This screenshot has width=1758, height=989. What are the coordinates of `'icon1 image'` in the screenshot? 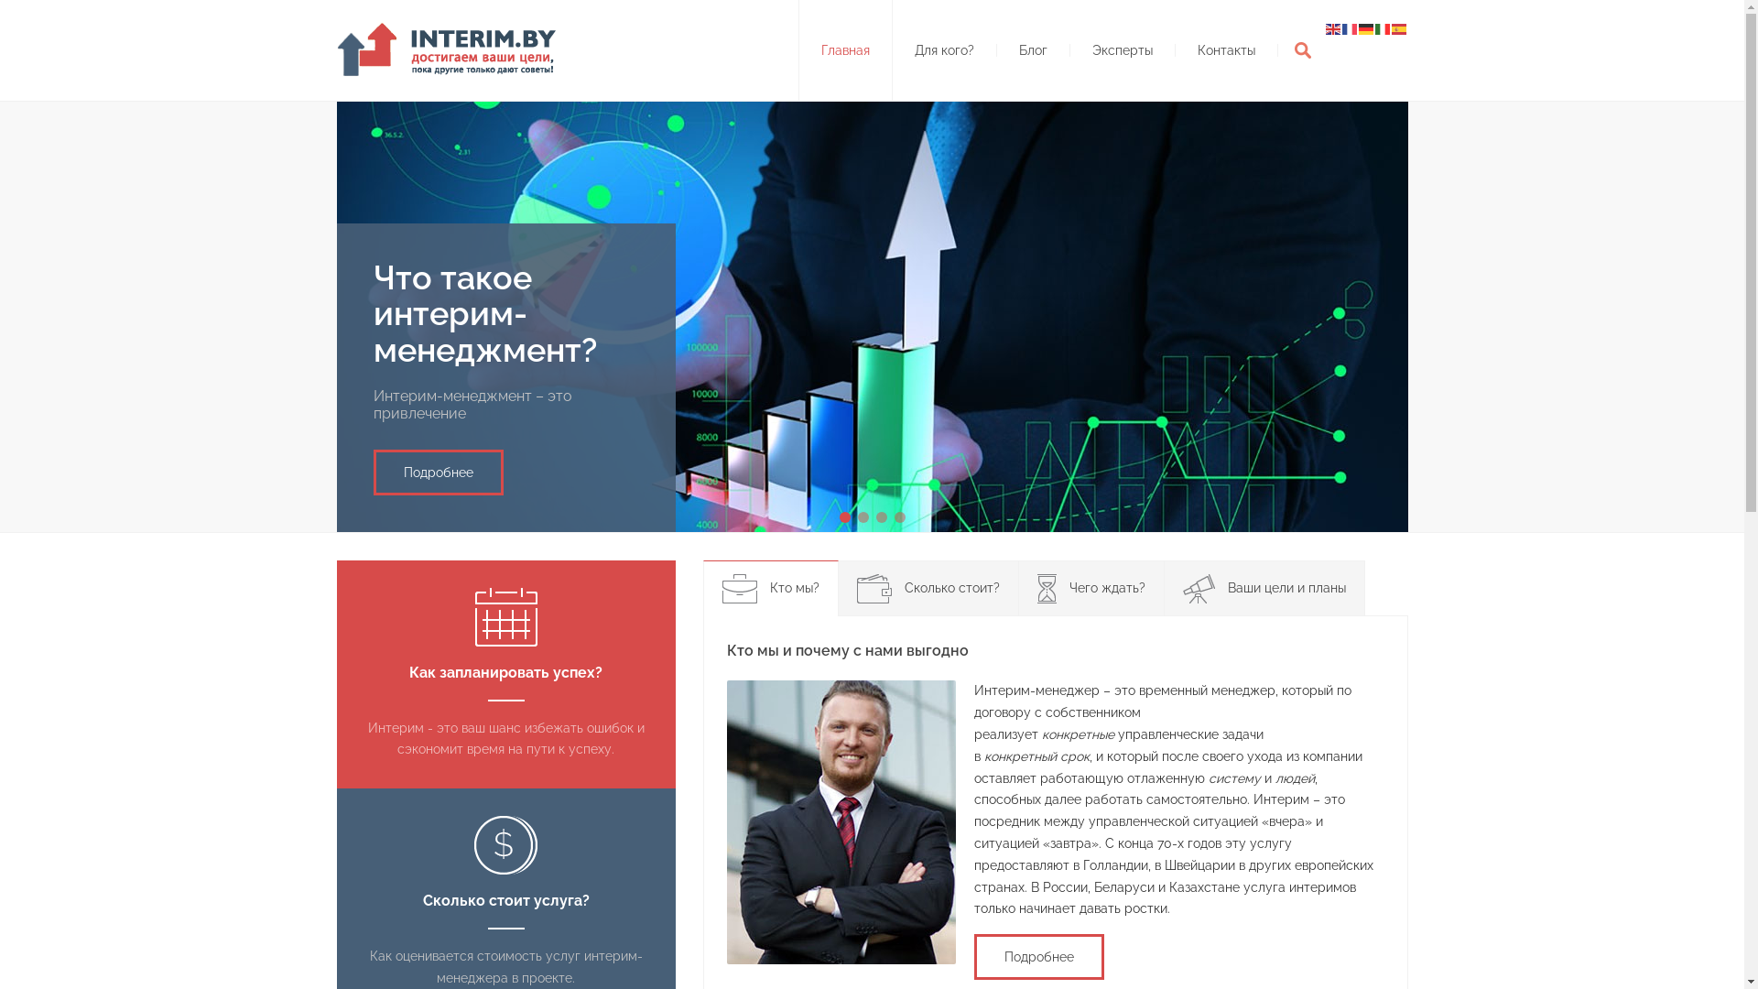 It's located at (474, 617).